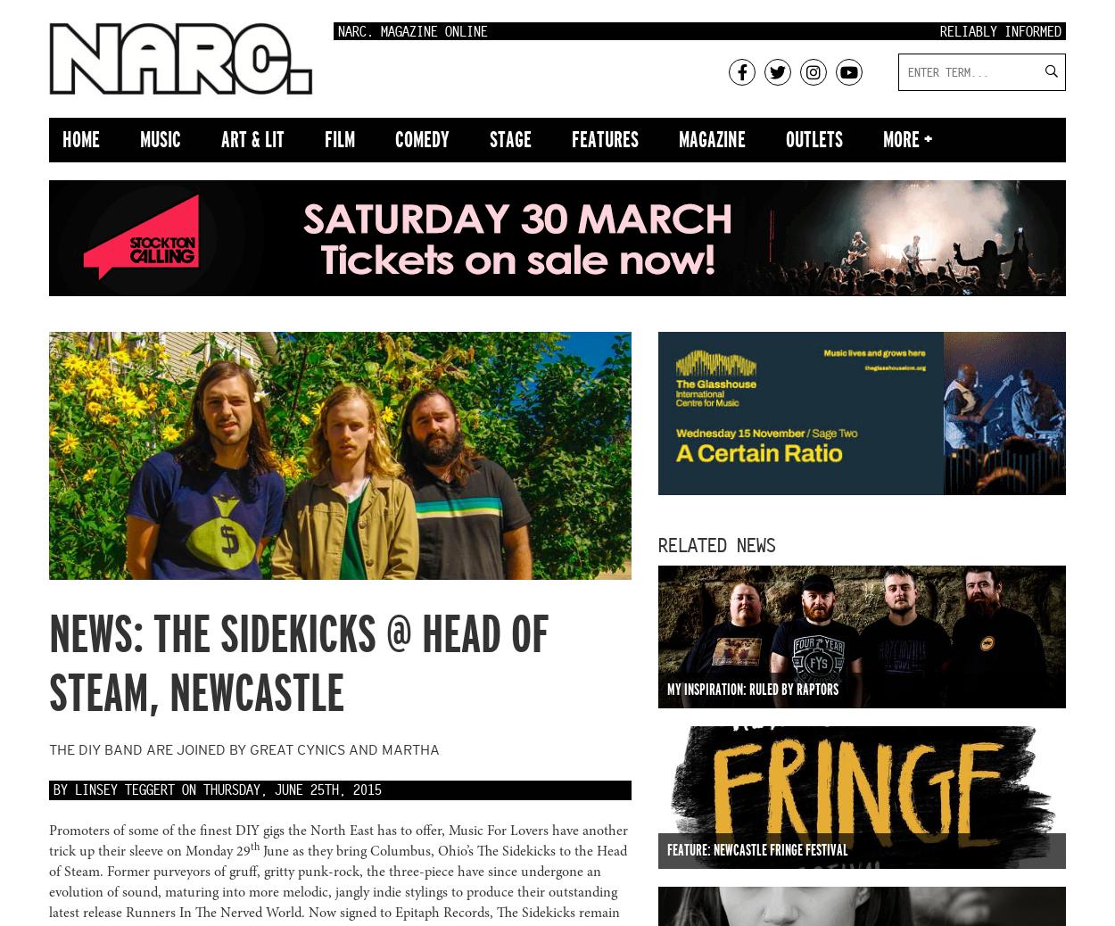  Describe the element at coordinates (509, 138) in the screenshot. I see `'Stage'` at that location.